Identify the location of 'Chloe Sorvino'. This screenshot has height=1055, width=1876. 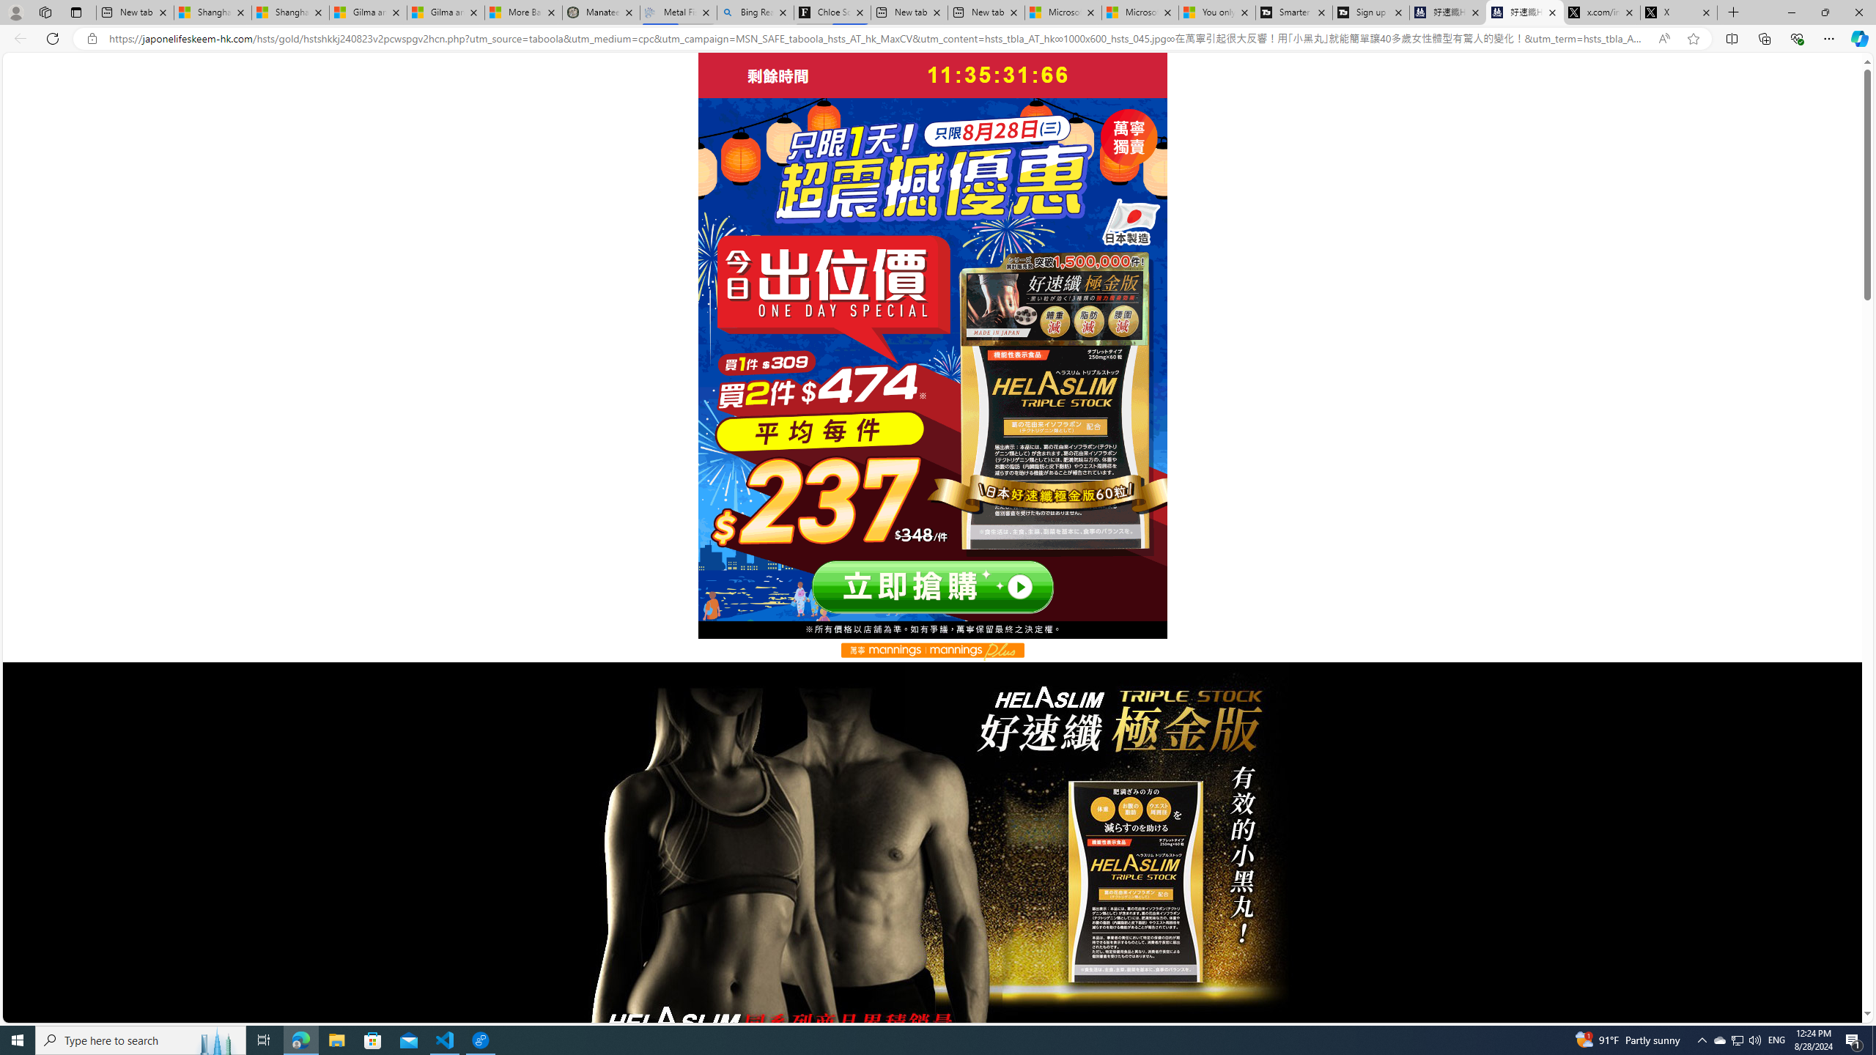
(832, 12).